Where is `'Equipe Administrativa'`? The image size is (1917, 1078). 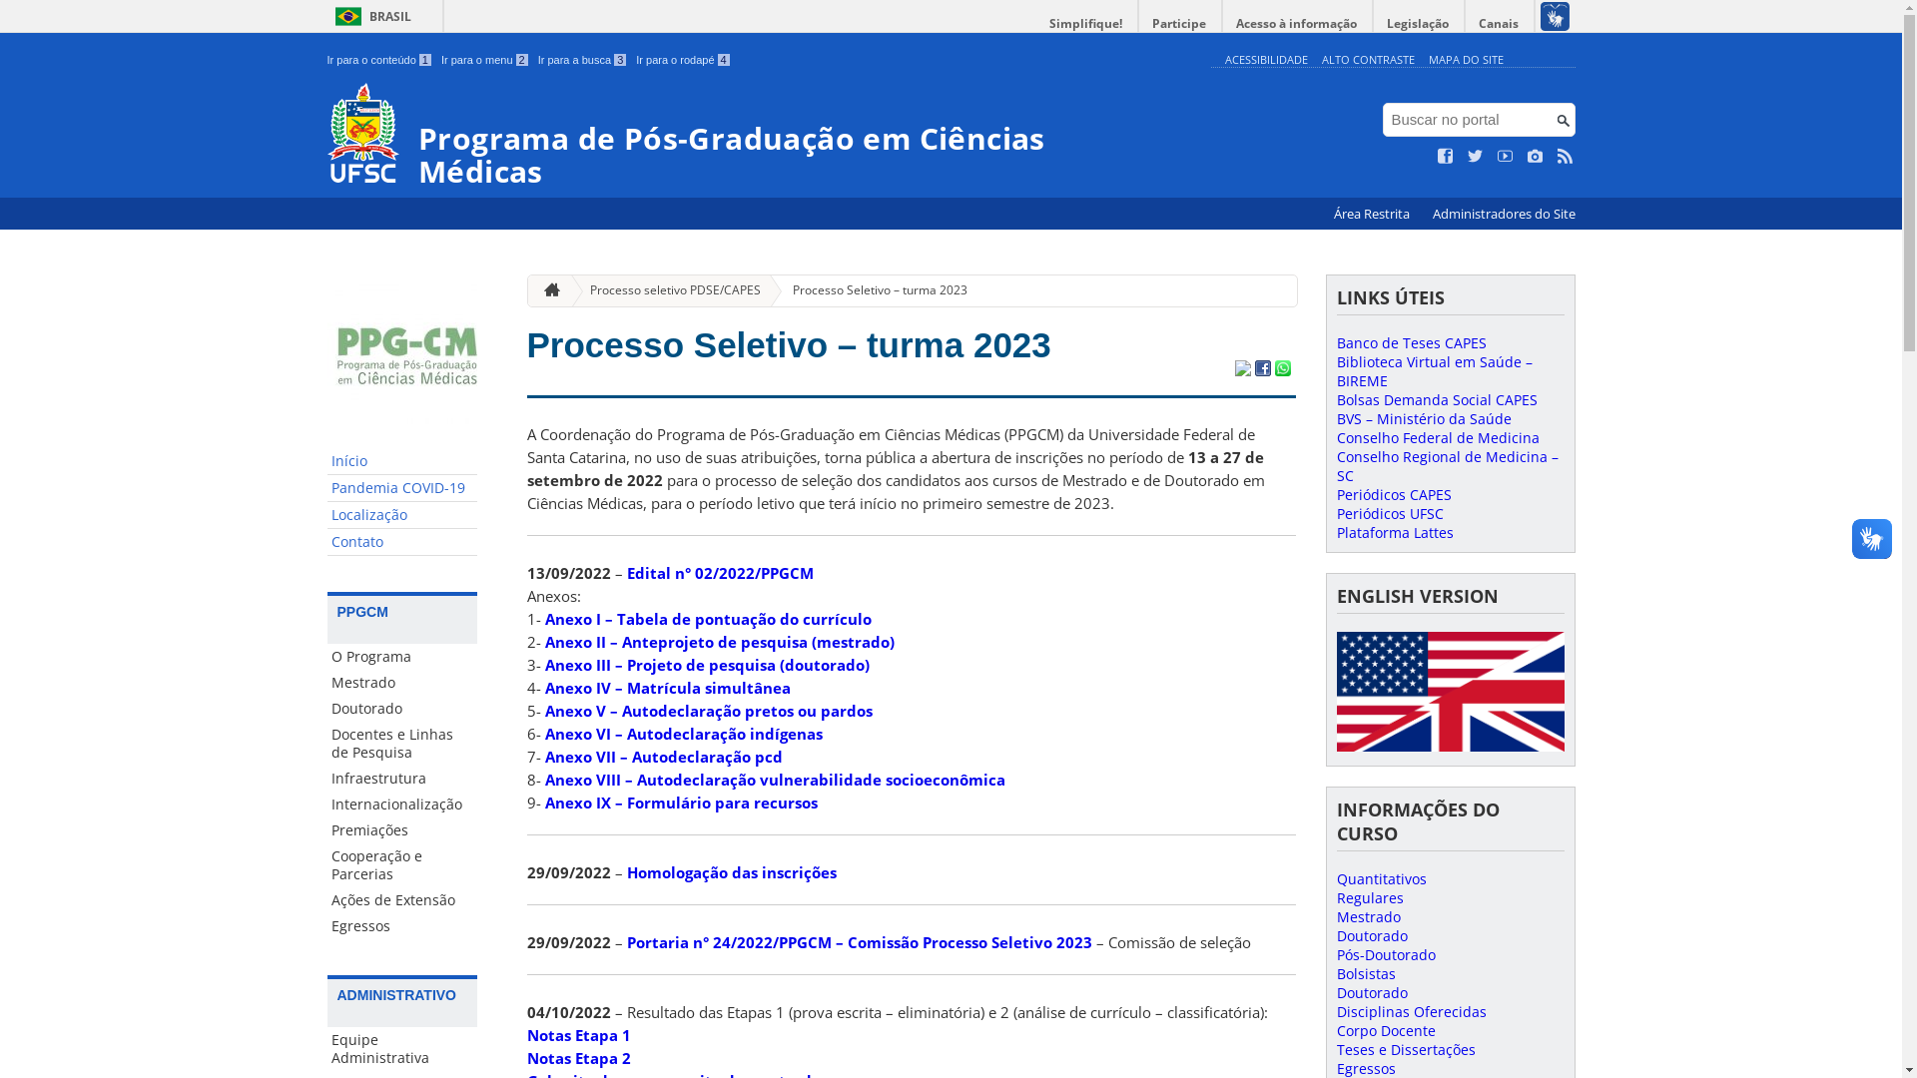
'Equipe Administrativa' is located at coordinates (401, 1047).